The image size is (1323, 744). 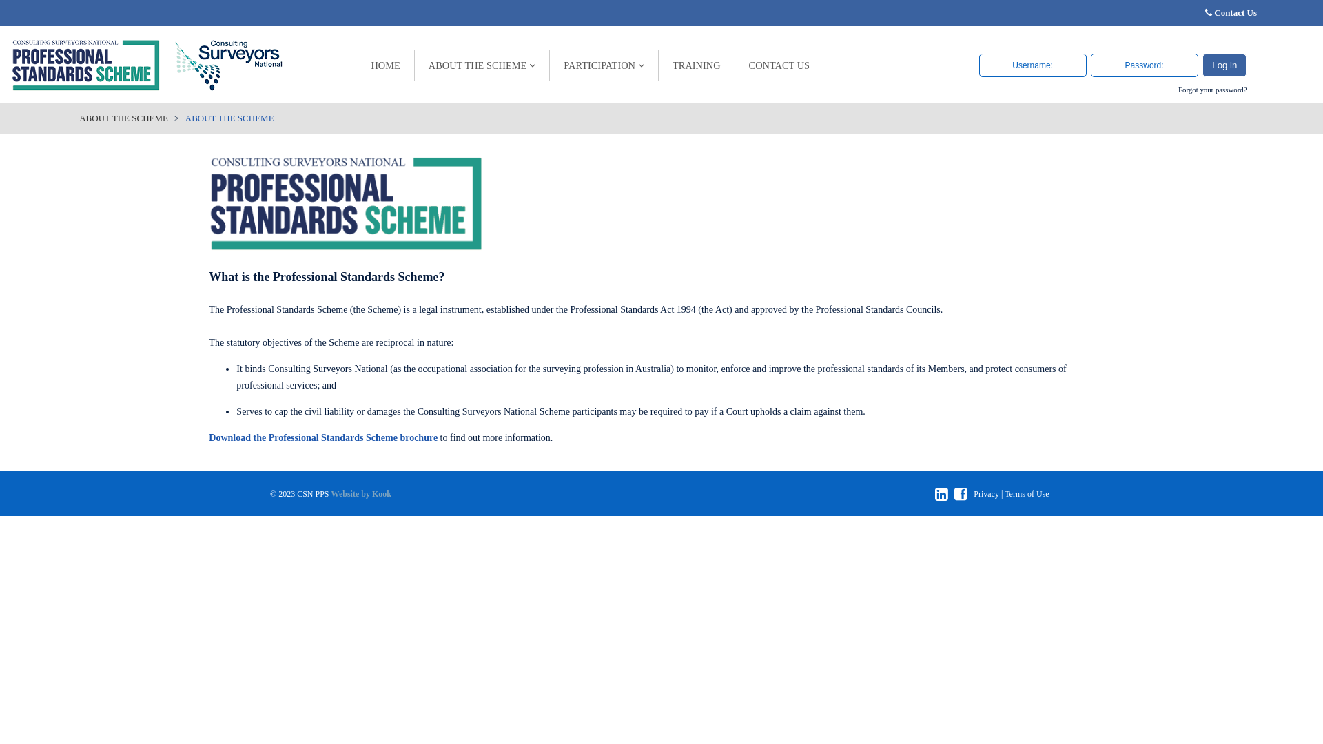 I want to click on 'Privacy', so click(x=985, y=493).